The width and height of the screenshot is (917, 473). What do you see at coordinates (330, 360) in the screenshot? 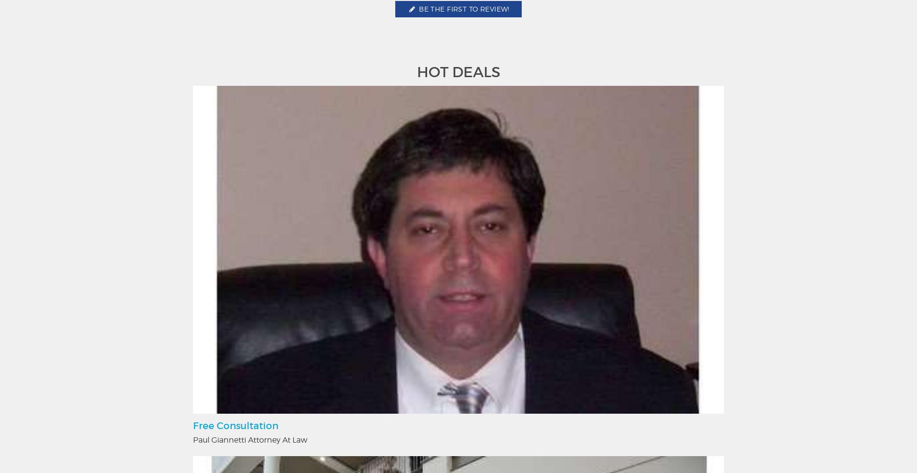
I see `'Food & Drink'` at bounding box center [330, 360].